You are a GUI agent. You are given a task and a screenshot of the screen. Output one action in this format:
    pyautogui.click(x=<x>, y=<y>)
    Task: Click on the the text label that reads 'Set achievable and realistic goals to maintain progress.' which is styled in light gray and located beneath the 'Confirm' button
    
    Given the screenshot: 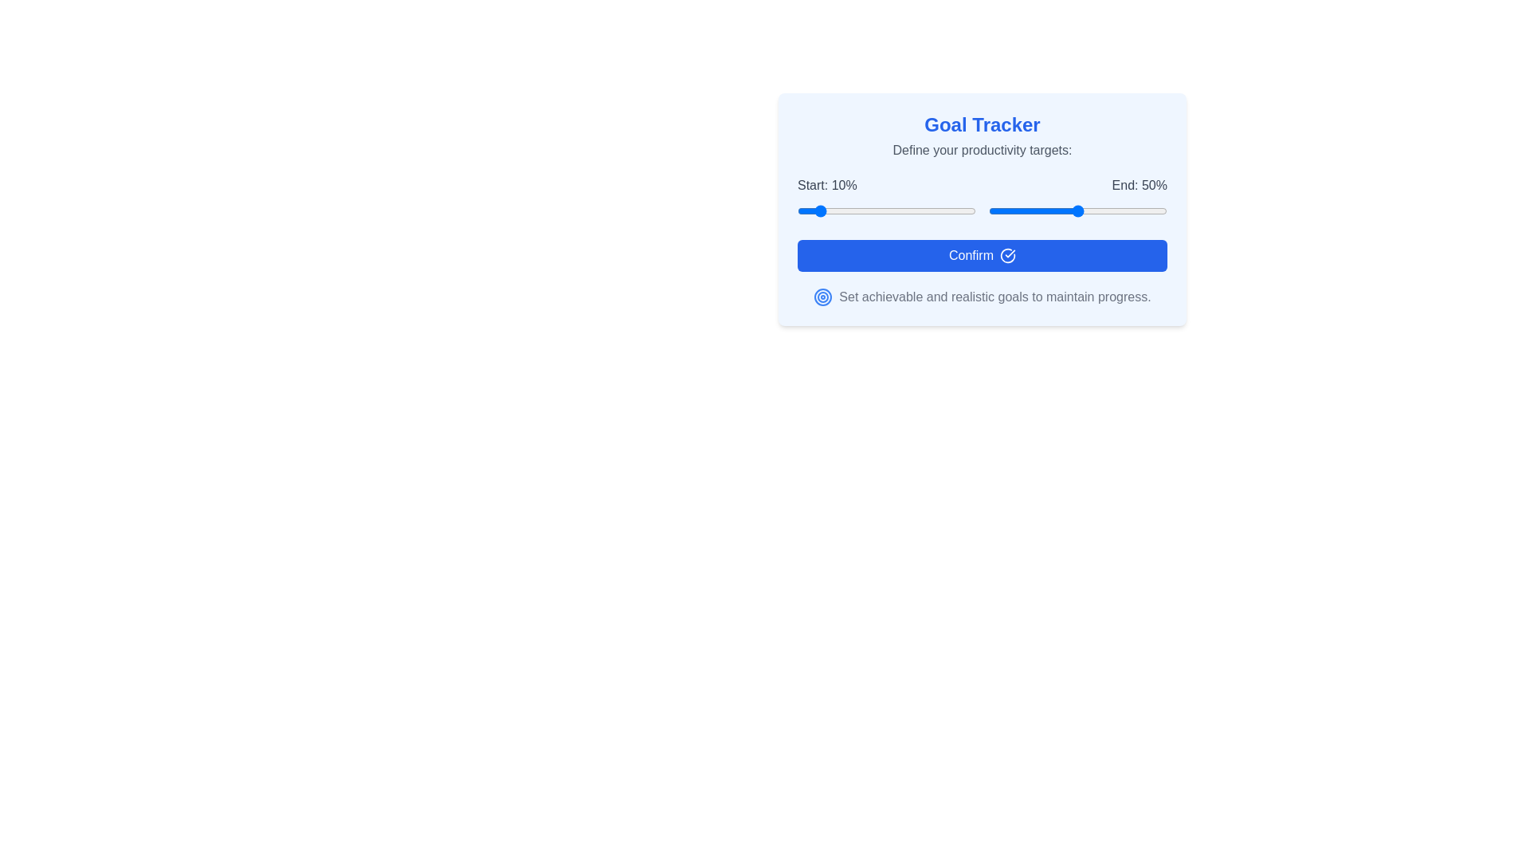 What is the action you would take?
    pyautogui.click(x=994, y=297)
    